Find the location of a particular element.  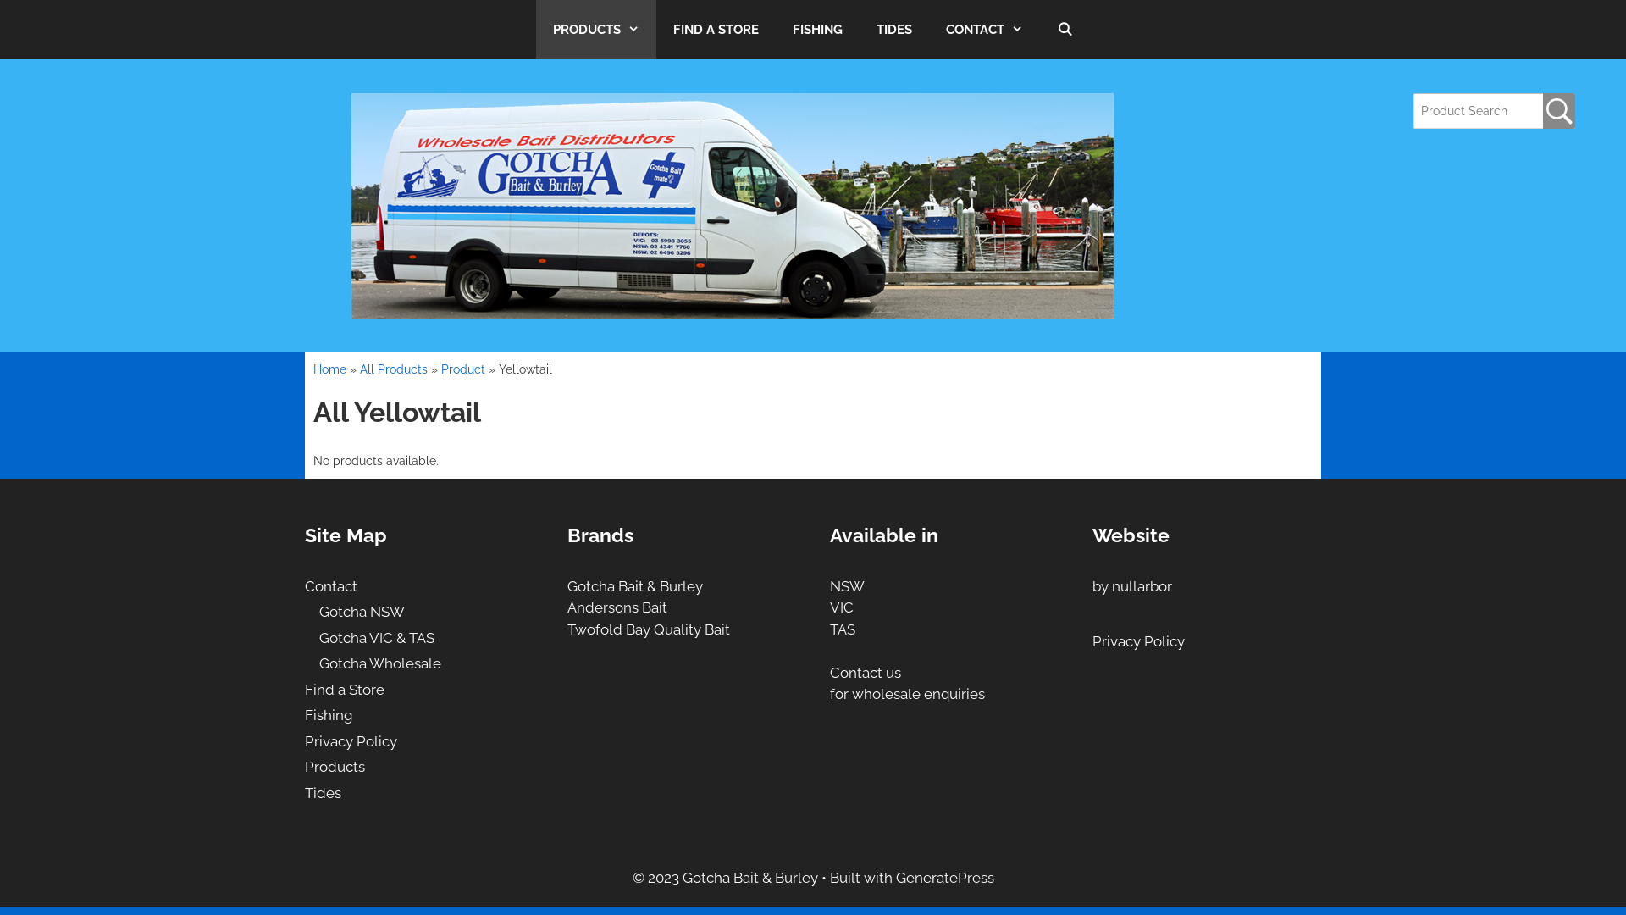

'Twofold Bay Quality Bait' is located at coordinates (648, 629).